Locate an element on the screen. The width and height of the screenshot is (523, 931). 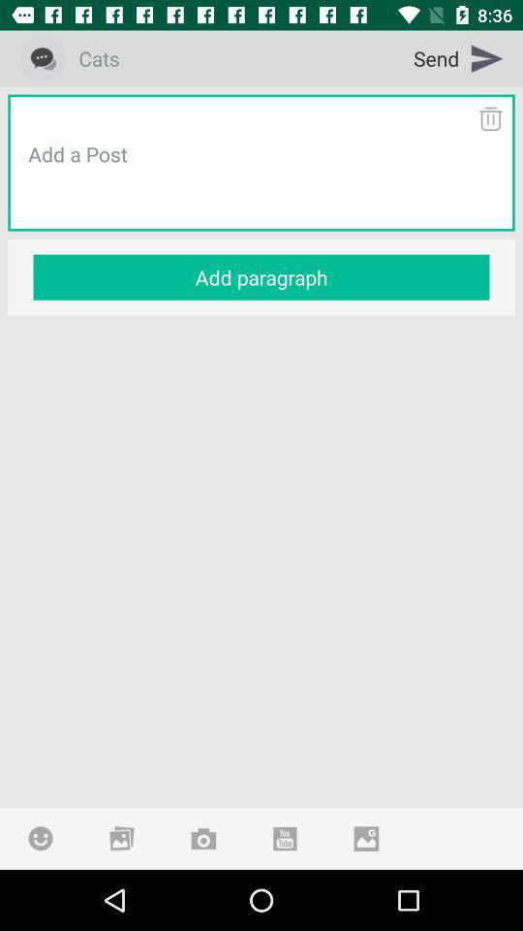
post is located at coordinates (261, 177).